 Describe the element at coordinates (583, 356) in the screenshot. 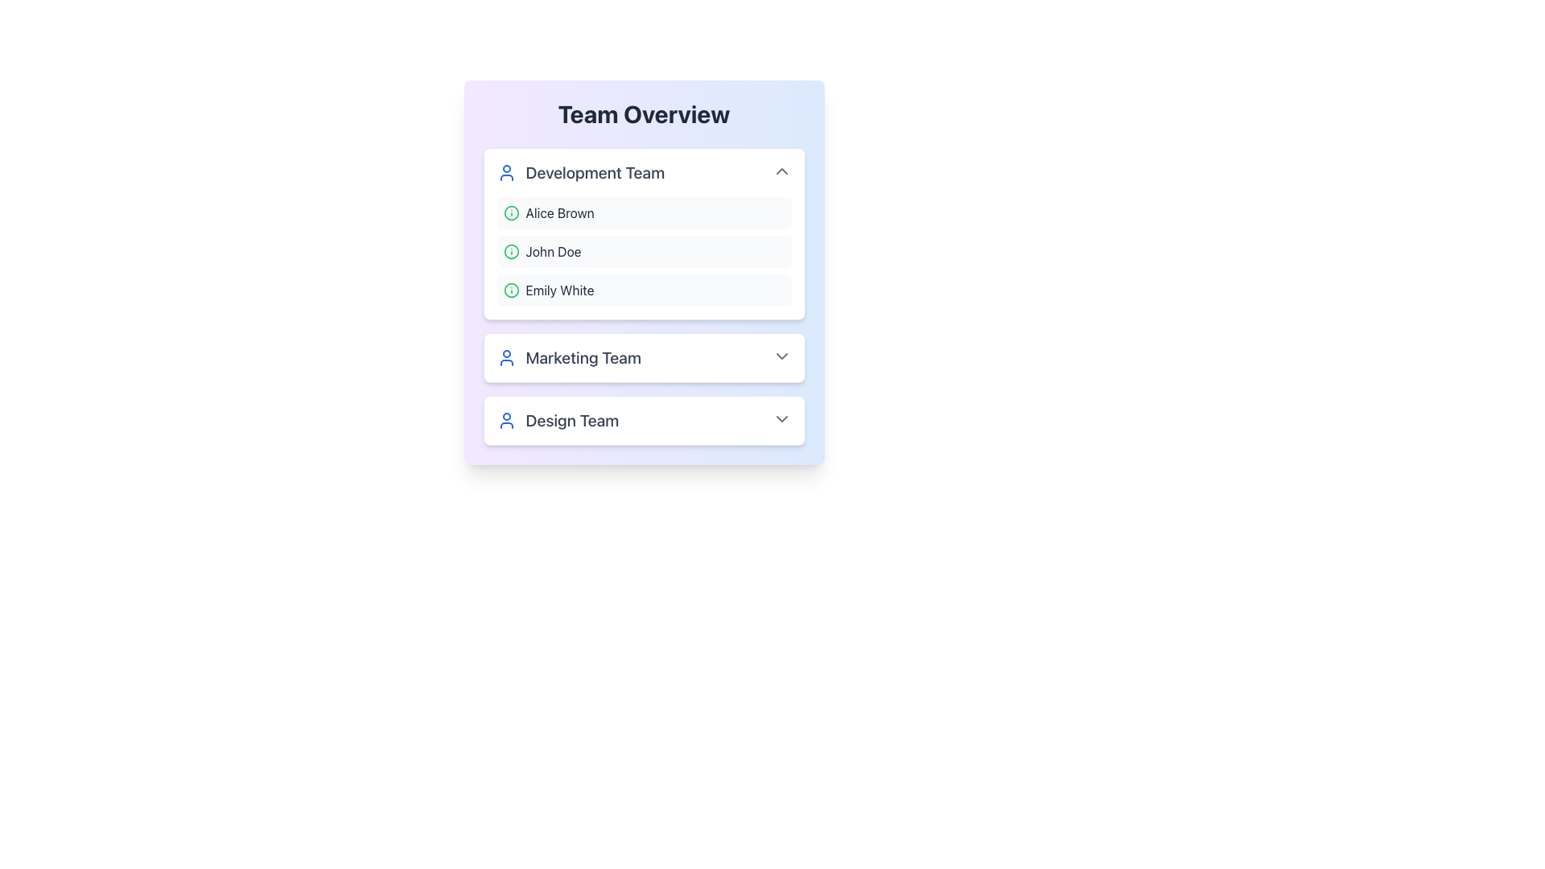

I see `the 'Marketing Team' text label, which is positioned to the right of a user icon and above a dropdown arrow in the 'Team Overview' section` at that location.